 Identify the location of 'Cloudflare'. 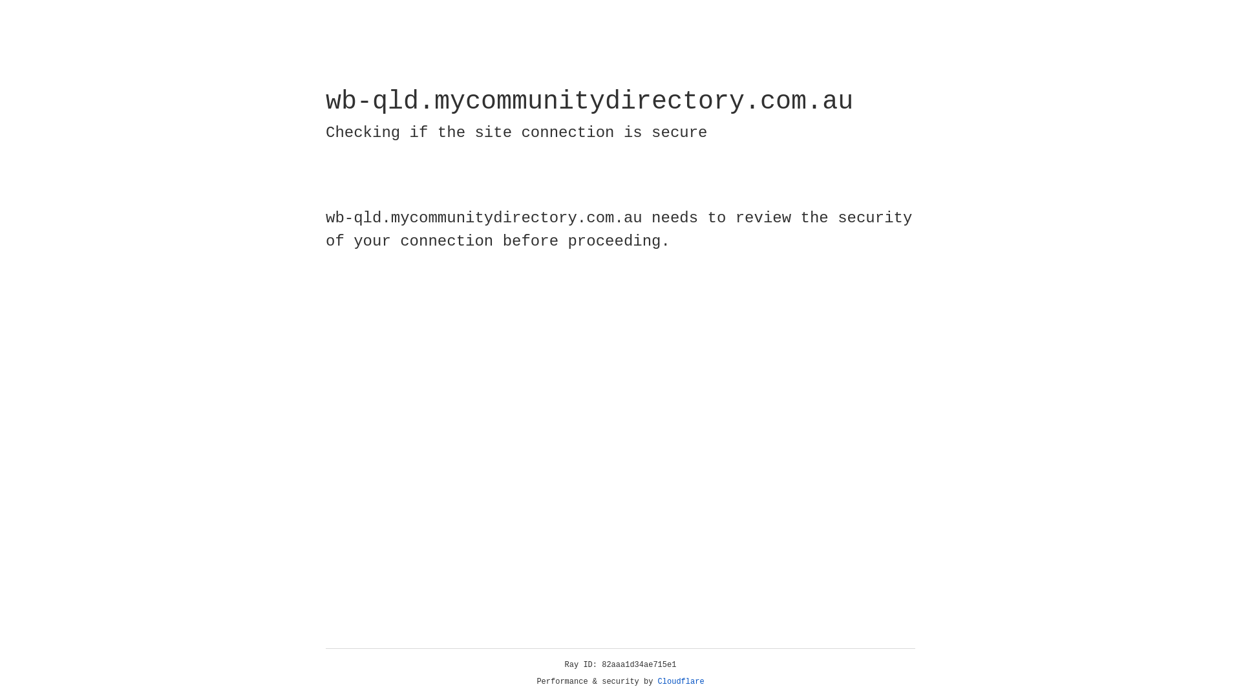
(657, 681).